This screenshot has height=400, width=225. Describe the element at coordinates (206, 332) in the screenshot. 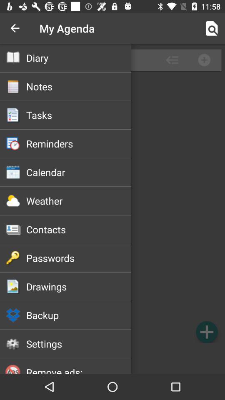

I see `the item to the right of the backup item` at that location.